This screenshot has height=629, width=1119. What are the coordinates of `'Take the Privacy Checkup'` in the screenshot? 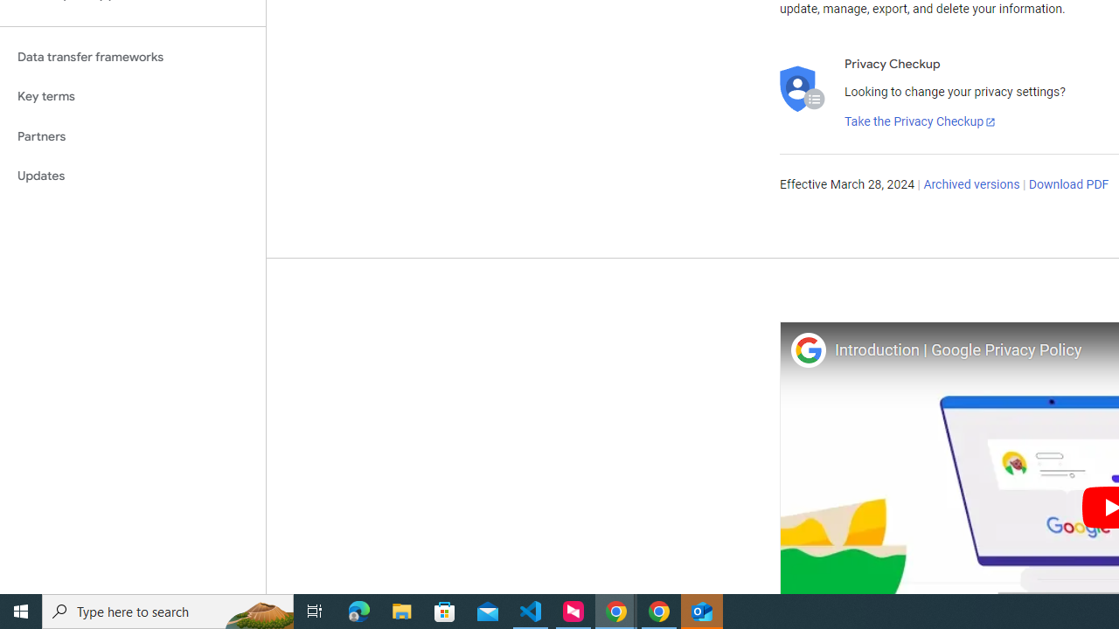 It's located at (920, 121).